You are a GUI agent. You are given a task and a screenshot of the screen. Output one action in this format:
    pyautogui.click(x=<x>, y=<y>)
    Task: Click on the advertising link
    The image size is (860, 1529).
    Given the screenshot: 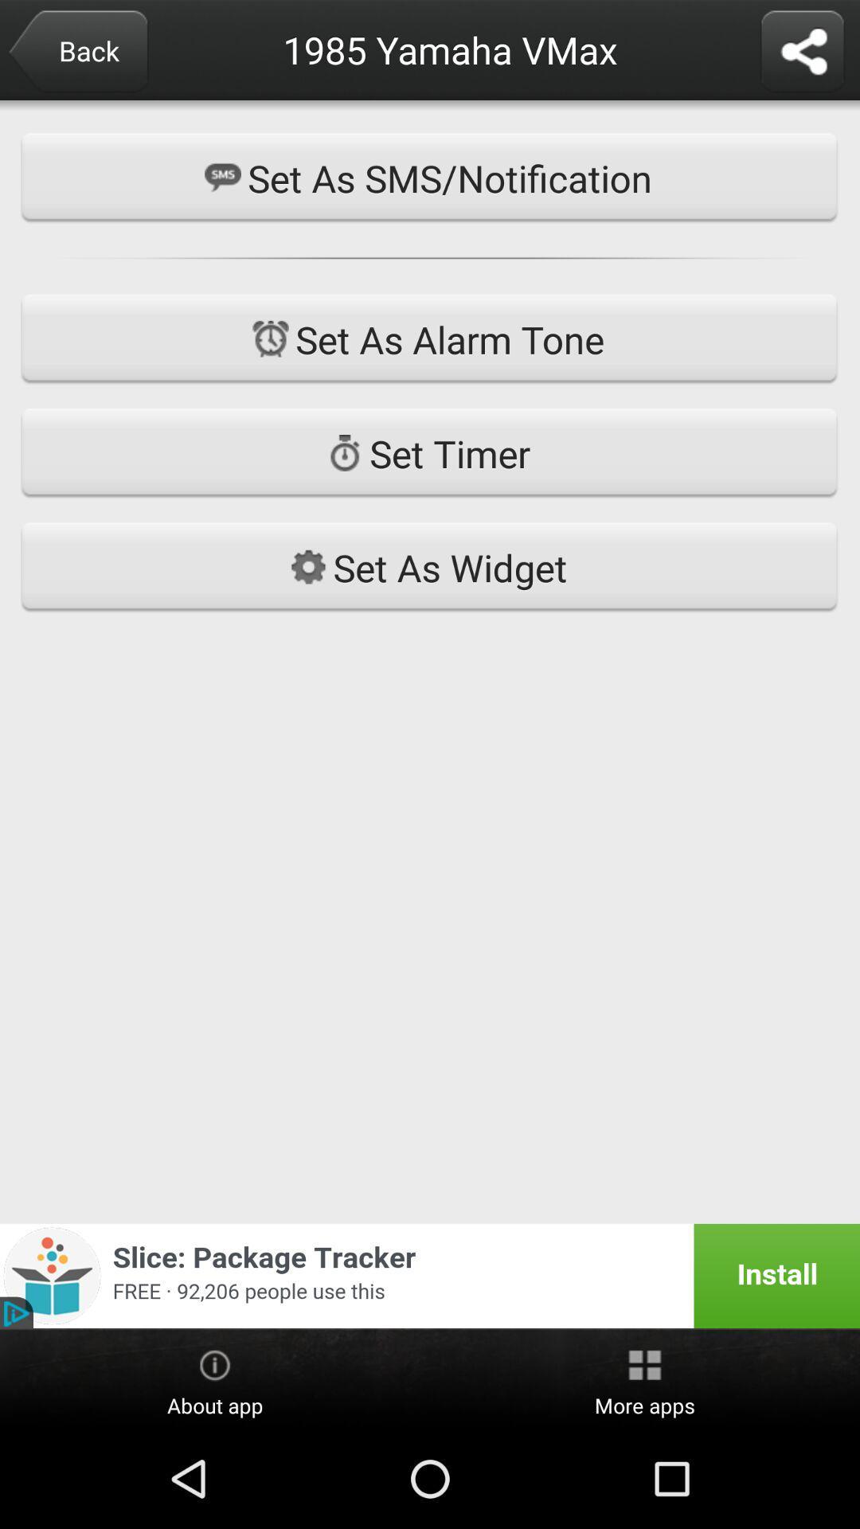 What is the action you would take?
    pyautogui.click(x=430, y=1276)
    